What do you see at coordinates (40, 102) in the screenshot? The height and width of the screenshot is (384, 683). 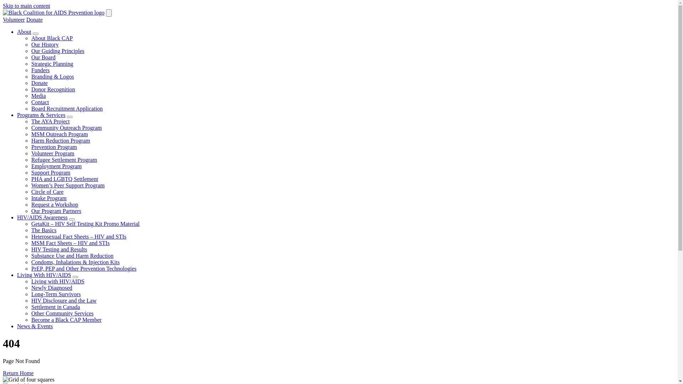 I see `'Contact'` at bounding box center [40, 102].